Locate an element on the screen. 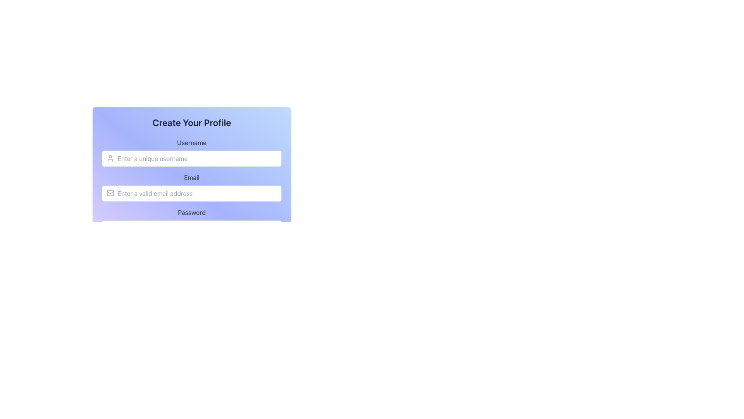 The width and height of the screenshot is (744, 419). the decorative icon that indicates the adjacent input field is for an email address, located near the top-left corner of the email input field is located at coordinates (110, 192).